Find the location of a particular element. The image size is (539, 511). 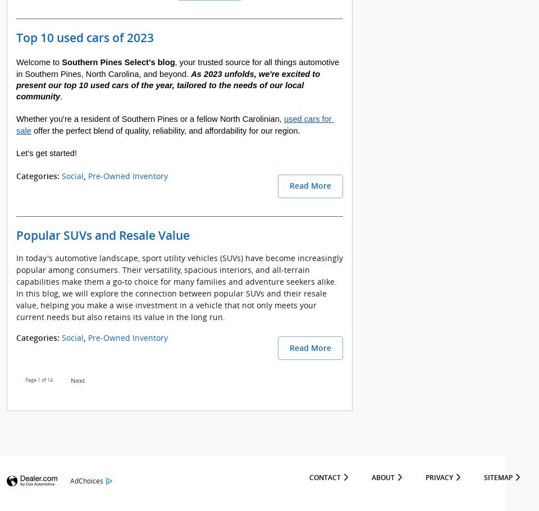

'As 2023 unfolds, we're excited to present our top 10 used cars of the year, tailored to the needs of our local community' is located at coordinates (169, 84).